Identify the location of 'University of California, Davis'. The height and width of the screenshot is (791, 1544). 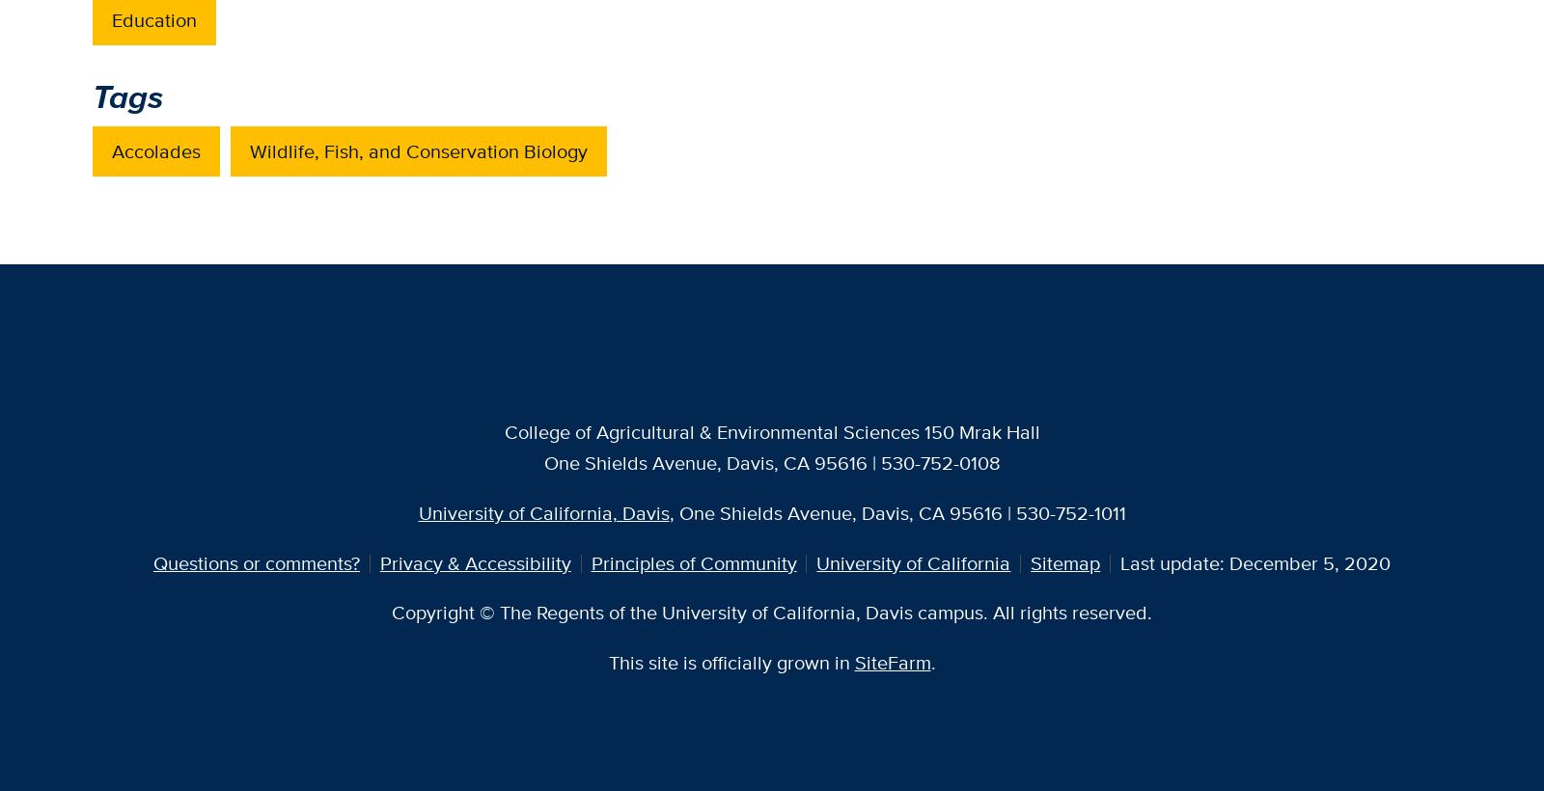
(542, 511).